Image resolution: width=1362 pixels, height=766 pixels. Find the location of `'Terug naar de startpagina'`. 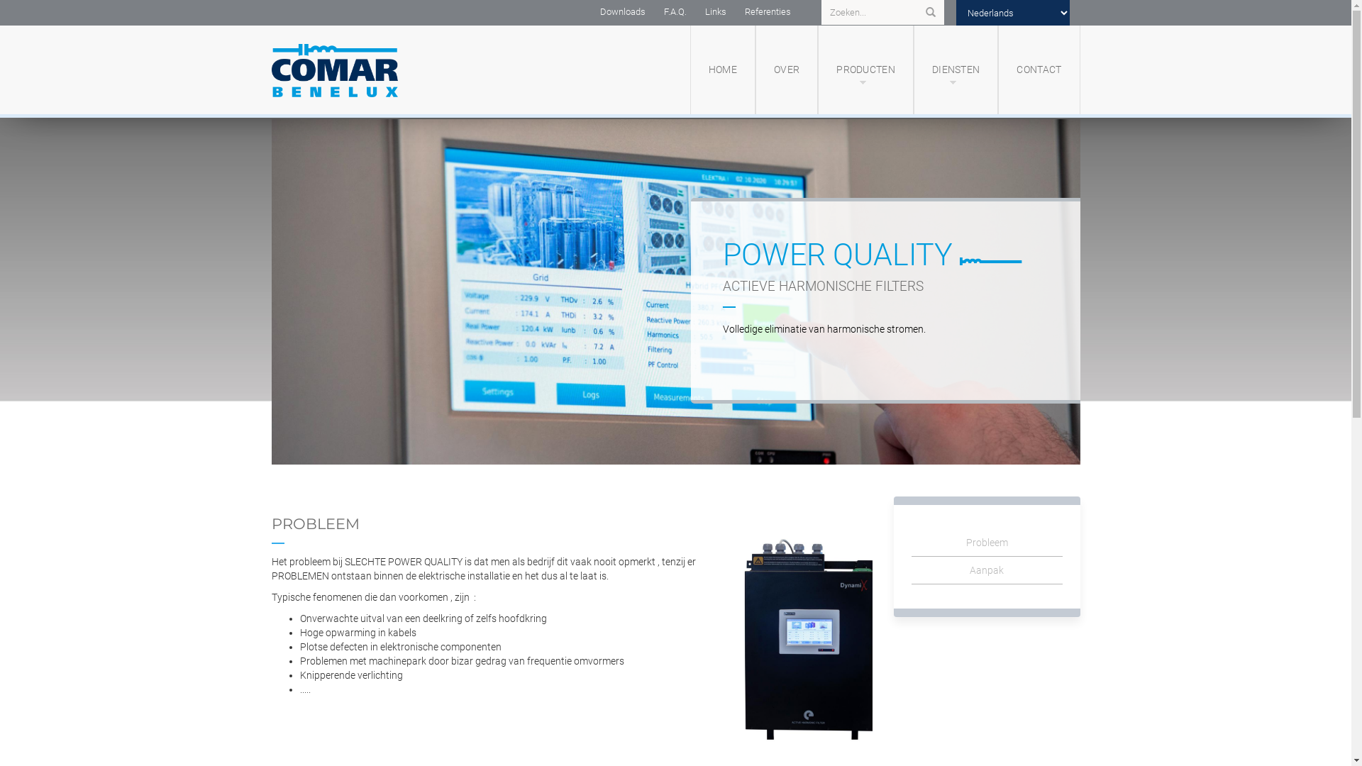

'Terug naar de startpagina' is located at coordinates (367, 70).